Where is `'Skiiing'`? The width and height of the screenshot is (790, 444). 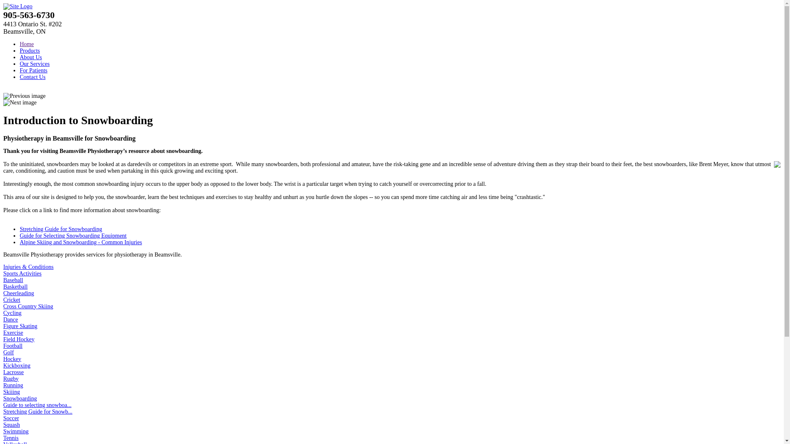 'Skiiing' is located at coordinates (12, 391).